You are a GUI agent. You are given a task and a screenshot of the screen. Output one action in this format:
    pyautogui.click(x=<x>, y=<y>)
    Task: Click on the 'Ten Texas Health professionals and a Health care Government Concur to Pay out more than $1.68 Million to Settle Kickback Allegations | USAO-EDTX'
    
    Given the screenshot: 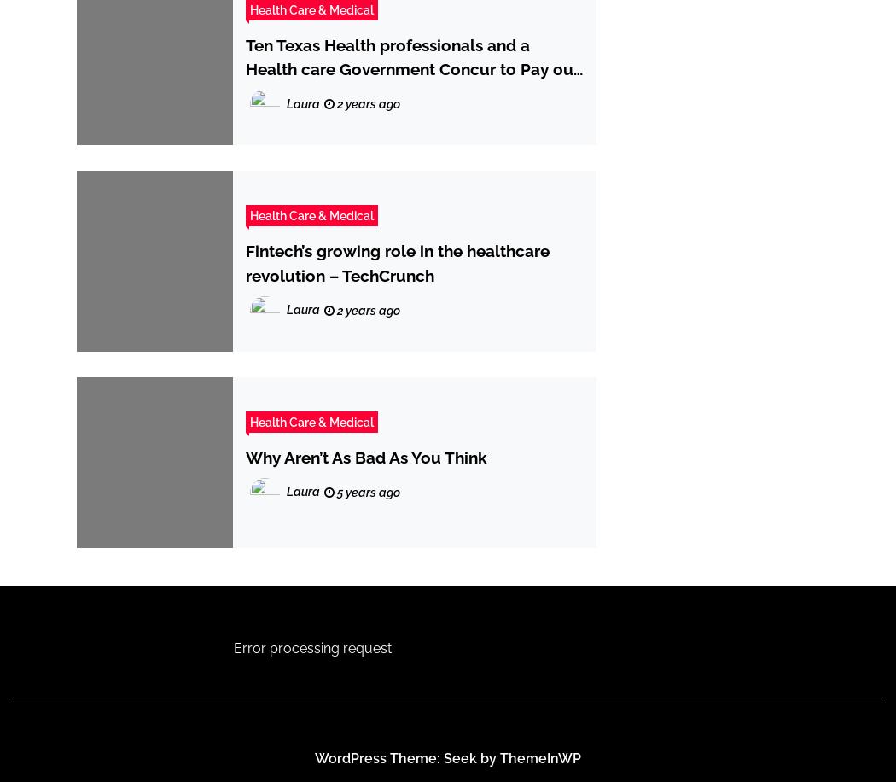 What is the action you would take?
    pyautogui.click(x=411, y=79)
    